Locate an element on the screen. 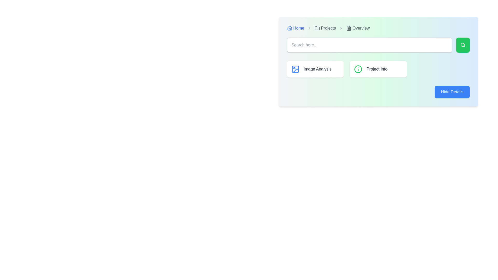 The image size is (498, 280). the document or text file icon located in the breadcrumb navigation bar to the left of the 'Overview' label is located at coordinates (349, 28).